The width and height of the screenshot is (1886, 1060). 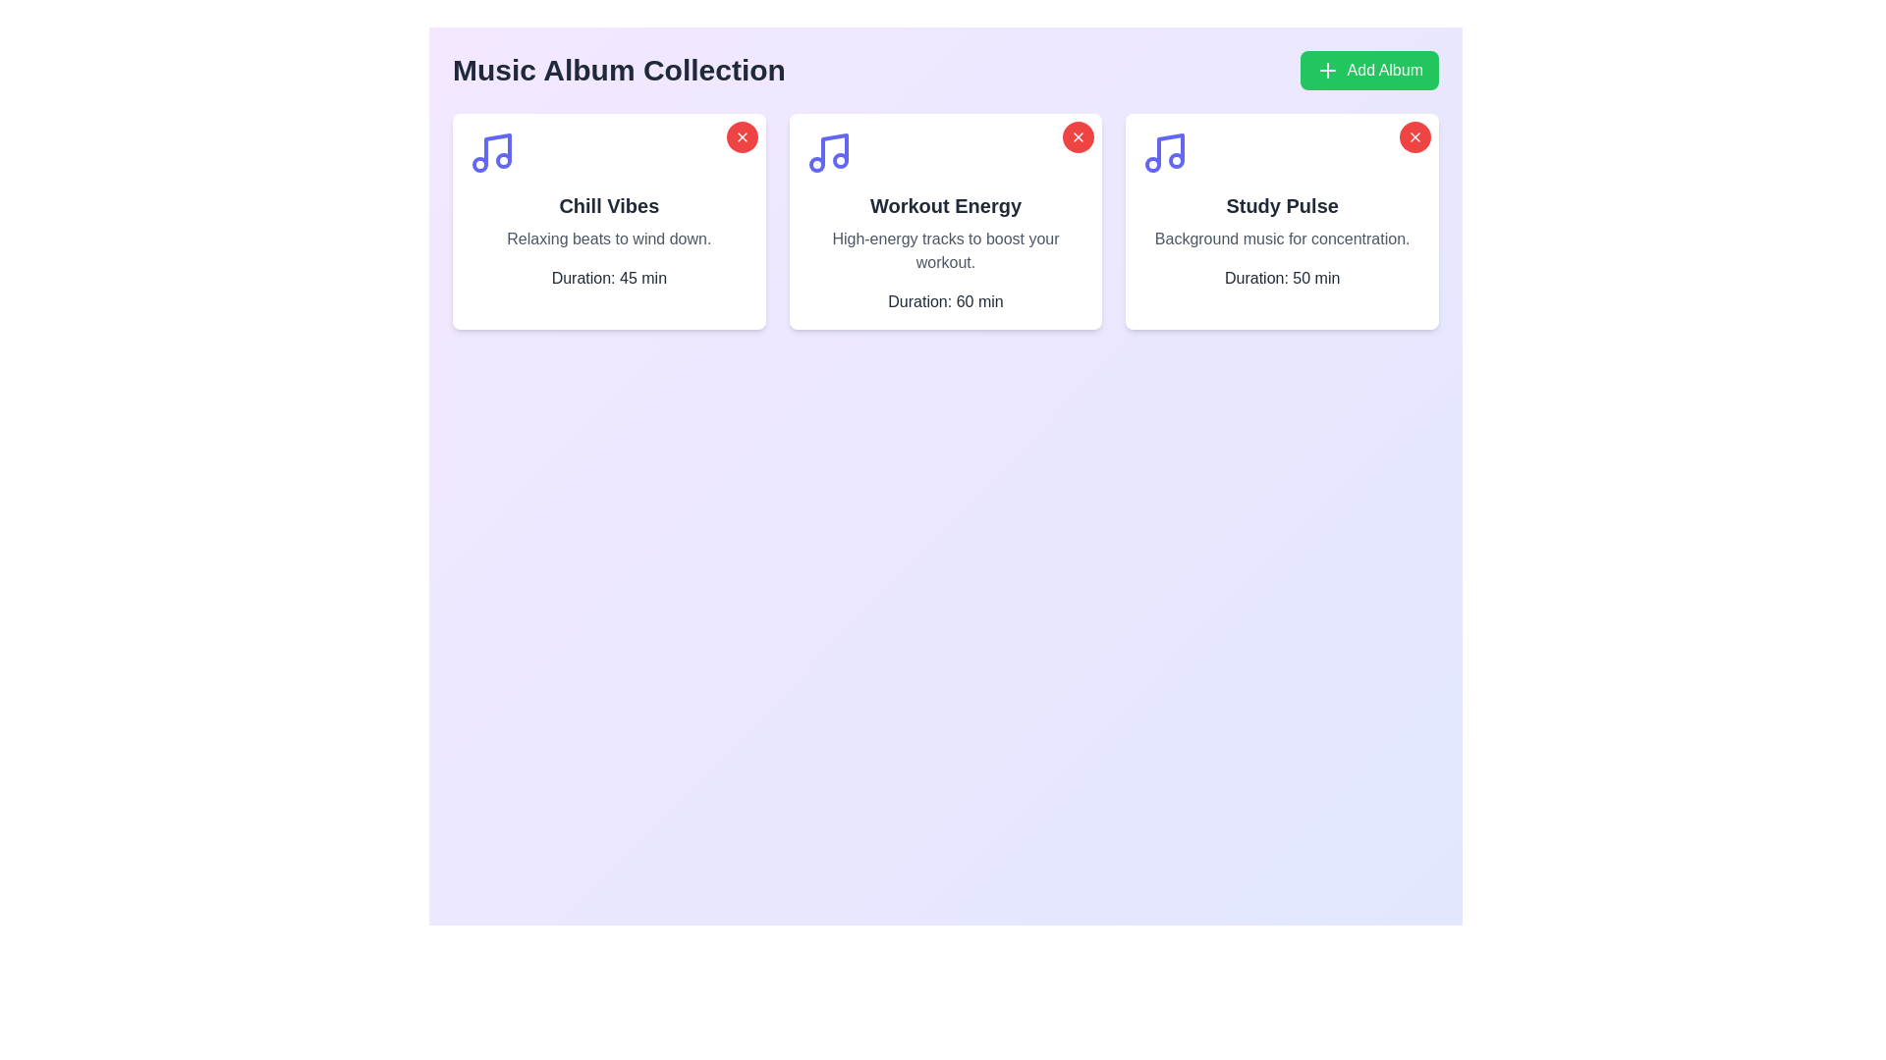 I want to click on the decorative music icon representing the 'Chill Vibes' card, located at the top-left corner of the card, above the title 'Chill Vibes', so click(x=491, y=151).